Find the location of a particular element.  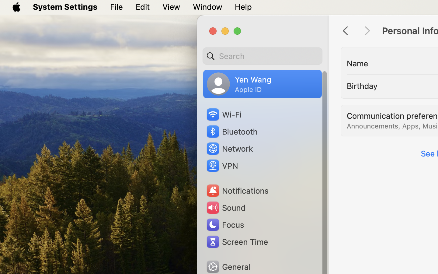

'Network' is located at coordinates (229, 148).